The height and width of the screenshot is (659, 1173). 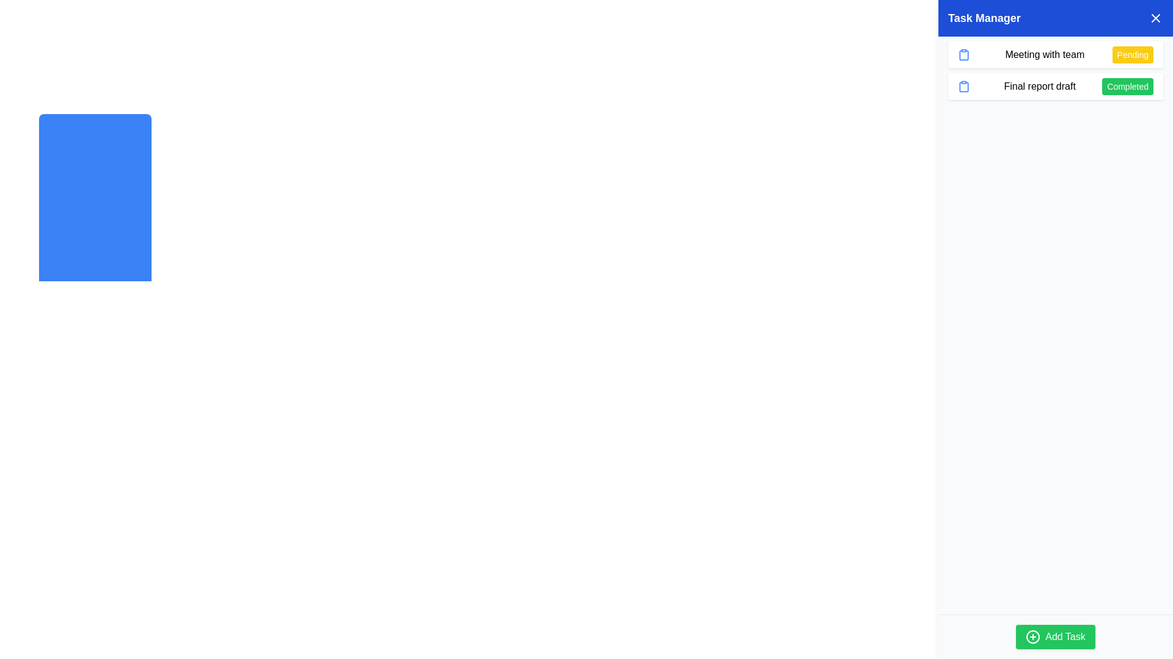 I want to click on the 'Final report draft' task item, so click(x=1055, y=86).